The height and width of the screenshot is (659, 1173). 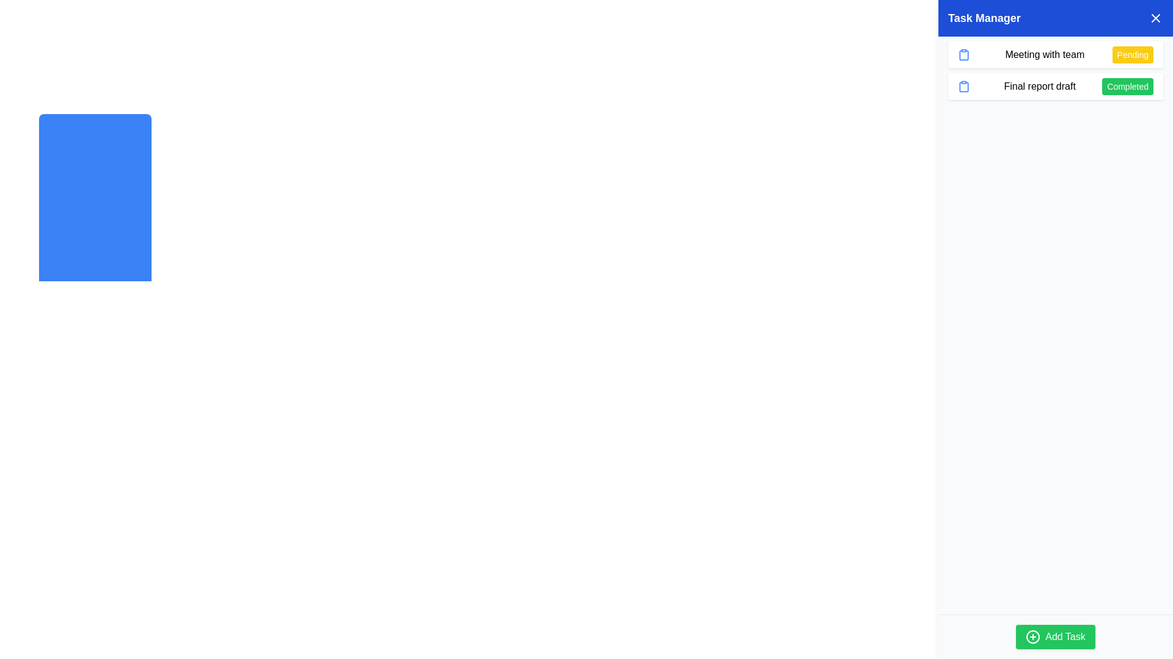 I want to click on the 'Final report draft' task item, so click(x=1055, y=86).